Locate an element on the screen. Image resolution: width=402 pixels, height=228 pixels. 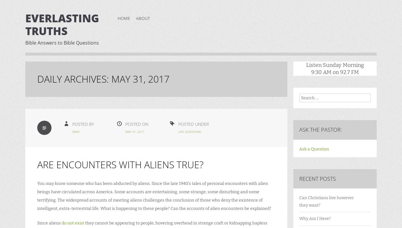
'Life Questions' is located at coordinates (178, 131).